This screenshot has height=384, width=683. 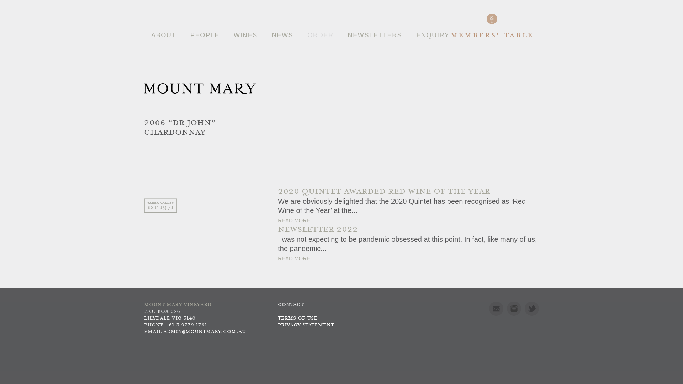 What do you see at coordinates (531, 308) in the screenshot?
I see `'TWITTER'` at bounding box center [531, 308].